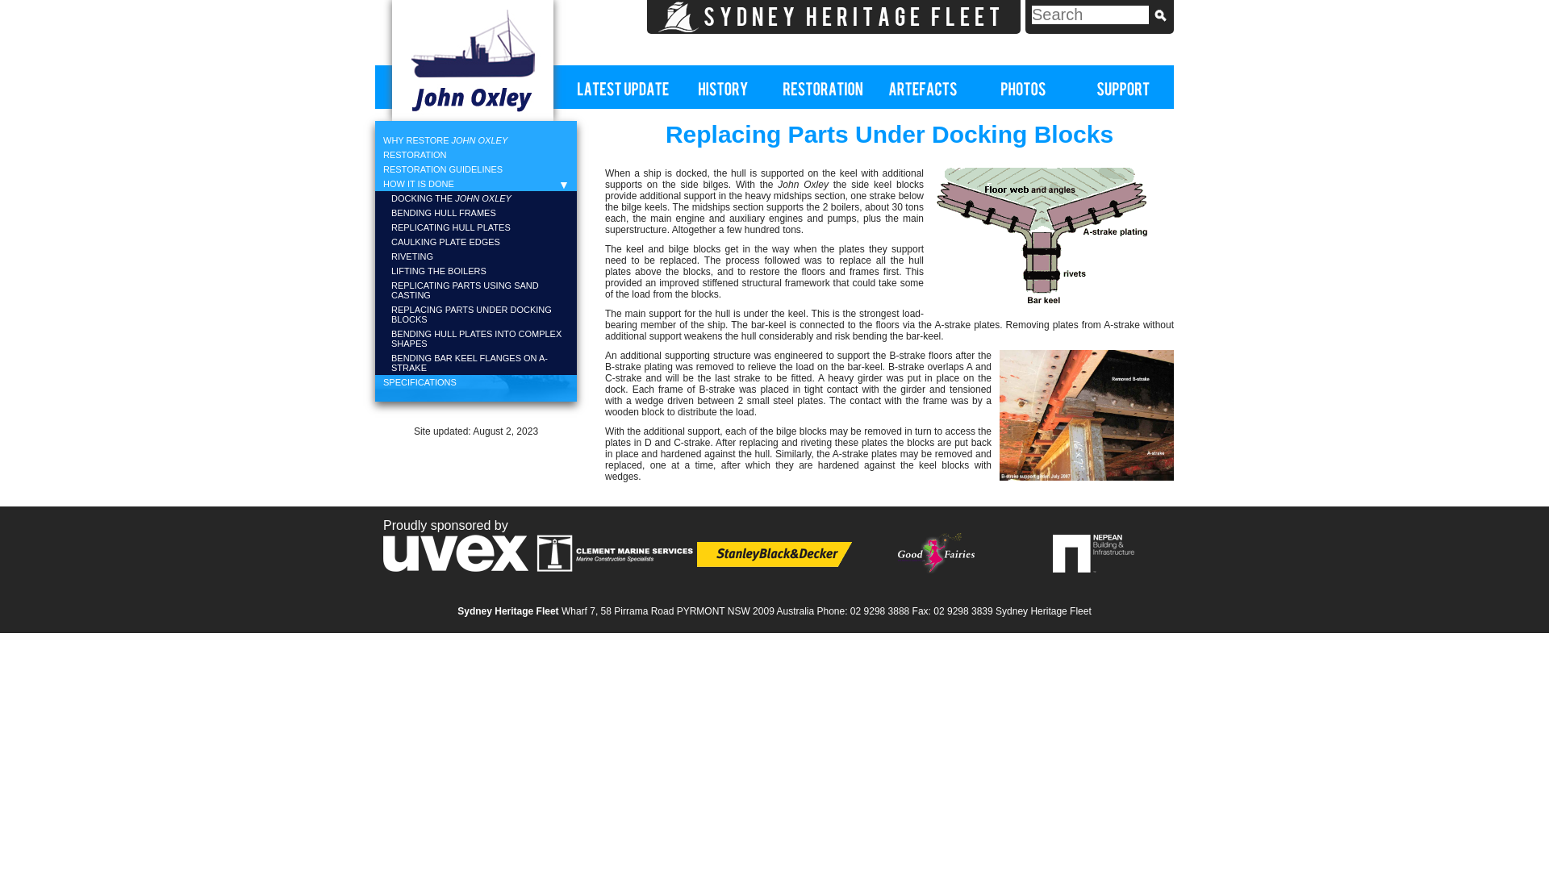 This screenshot has width=1549, height=871. What do you see at coordinates (475, 227) in the screenshot?
I see `'REPLICATING HULL PLATES'` at bounding box center [475, 227].